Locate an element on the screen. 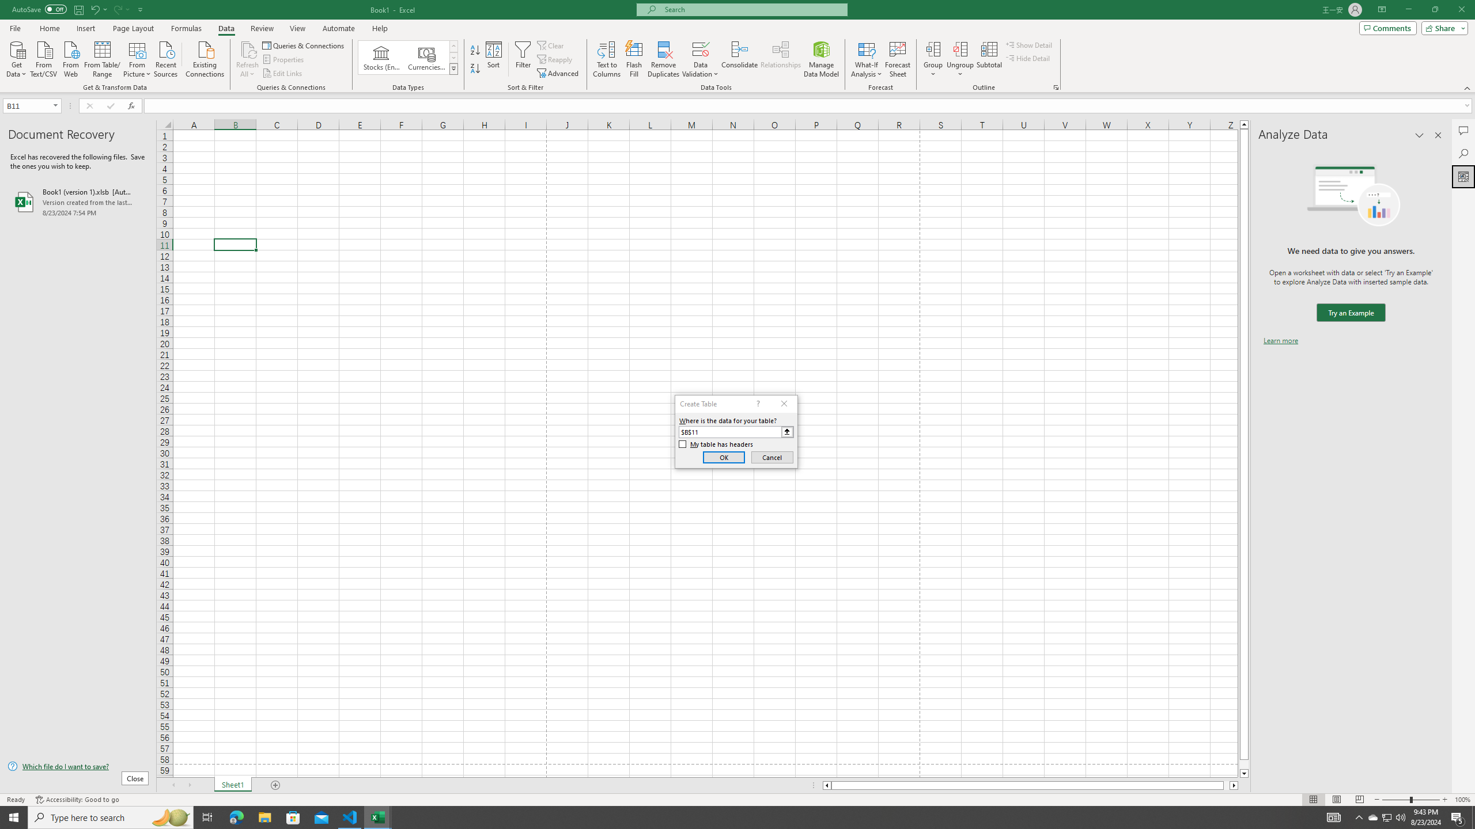  'Consolidate...' is located at coordinates (739, 59).